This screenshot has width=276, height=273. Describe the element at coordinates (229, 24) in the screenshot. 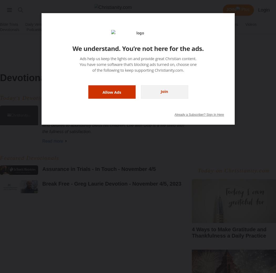

I see `'End Times'` at that location.